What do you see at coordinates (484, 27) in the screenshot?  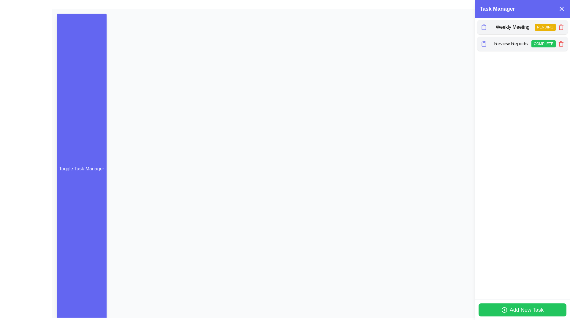 I see `the first icon representing the 'Weekly Meeting' entry in the task list of the 'Task Manager' panel` at bounding box center [484, 27].